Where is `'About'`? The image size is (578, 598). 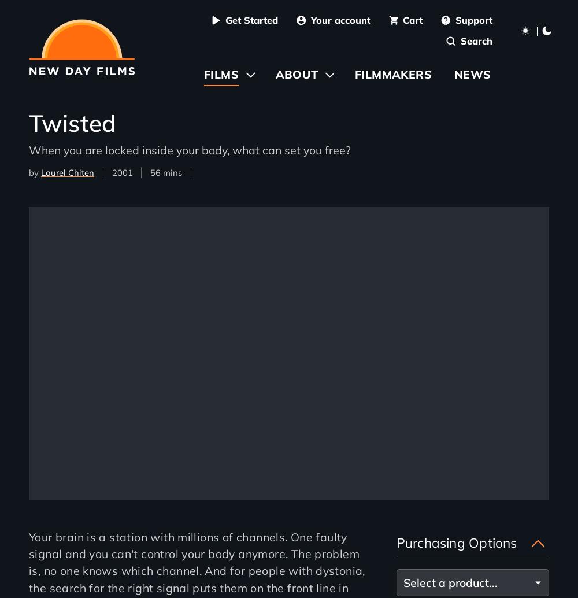 'About' is located at coordinates (297, 73).